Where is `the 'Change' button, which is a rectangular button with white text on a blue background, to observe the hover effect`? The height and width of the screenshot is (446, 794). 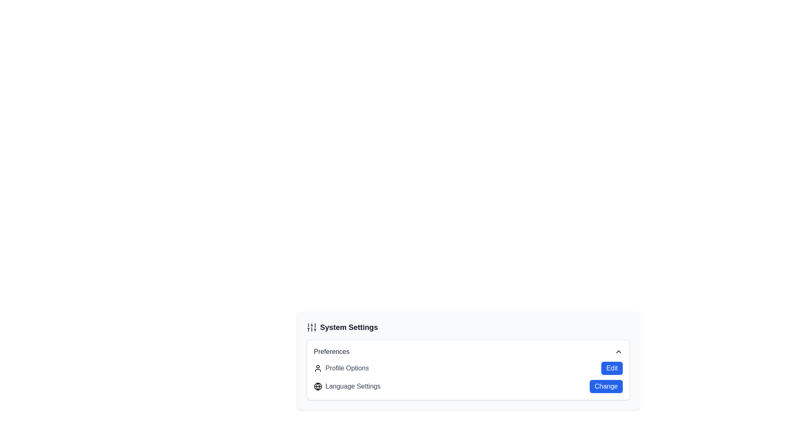
the 'Change' button, which is a rectangular button with white text on a blue background, to observe the hover effect is located at coordinates (606, 387).